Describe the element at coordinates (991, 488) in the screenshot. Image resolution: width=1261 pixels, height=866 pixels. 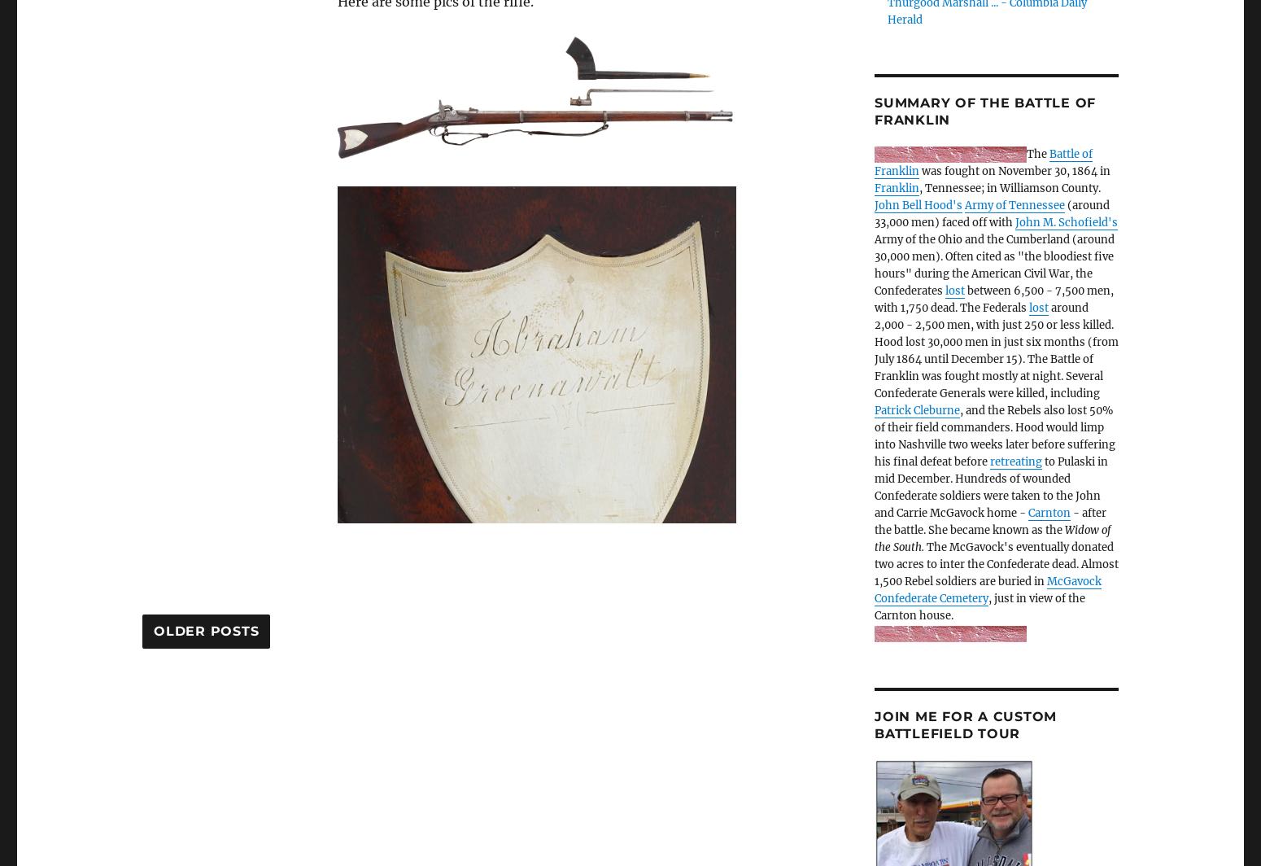
I see `'to Pulaski in mid December. Hundreds of wounded Confederate soldiers were taken to the John and Carrie McGavock home -'` at that location.